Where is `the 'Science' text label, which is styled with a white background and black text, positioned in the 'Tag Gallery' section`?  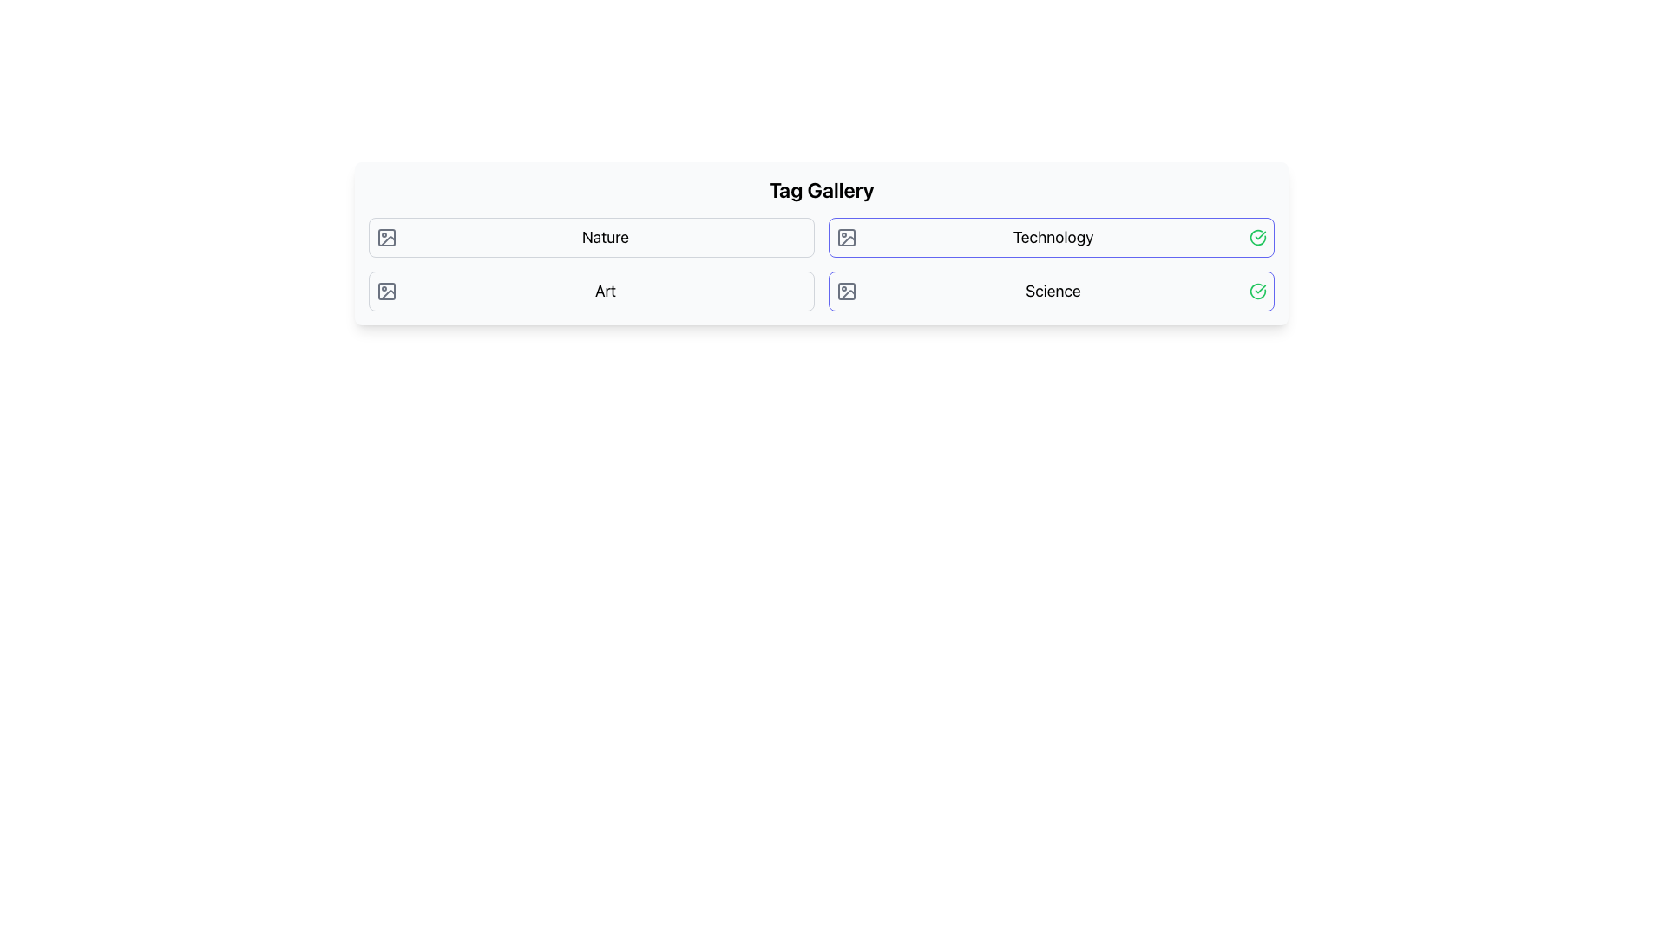
the 'Science' text label, which is styled with a white background and black text, positioned in the 'Tag Gallery' section is located at coordinates (1053, 290).